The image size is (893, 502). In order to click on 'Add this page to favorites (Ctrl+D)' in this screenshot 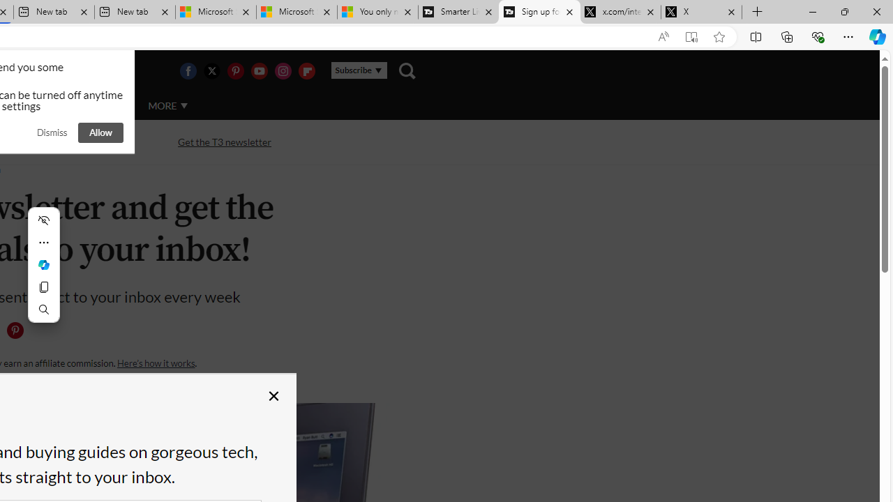, I will do `click(719, 36)`.